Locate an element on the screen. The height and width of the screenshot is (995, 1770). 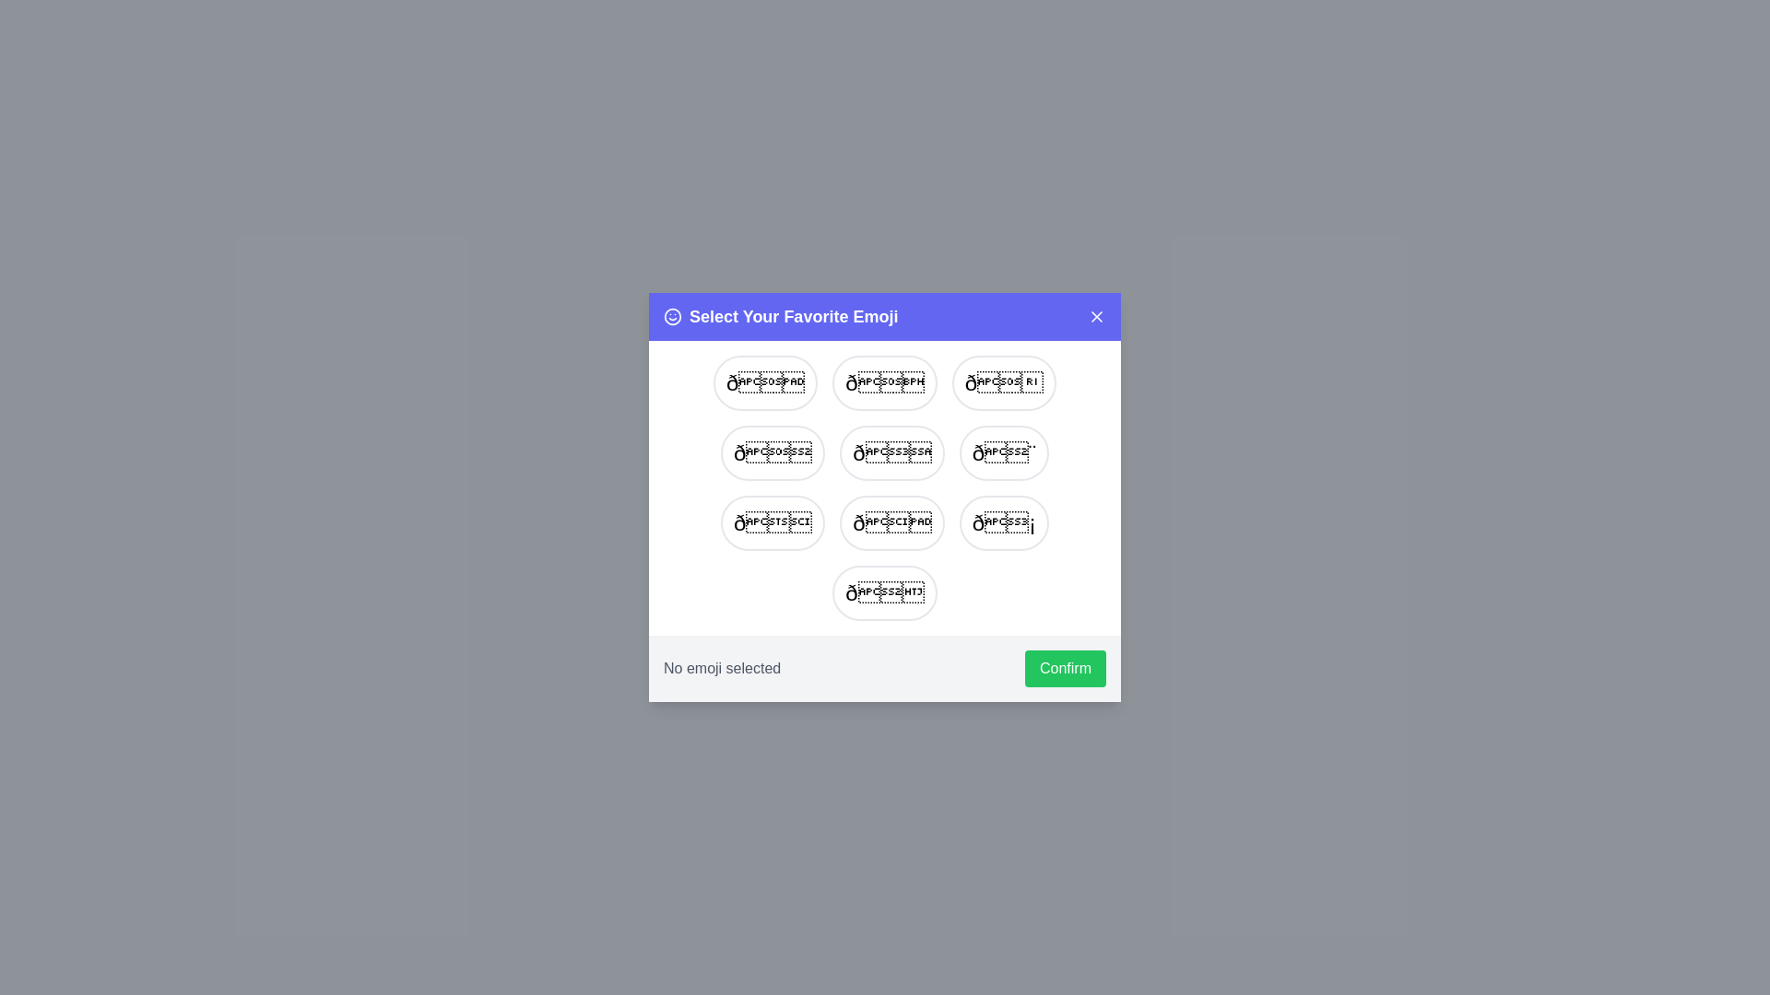
the emoji 🏁 from the list is located at coordinates (1003, 522).